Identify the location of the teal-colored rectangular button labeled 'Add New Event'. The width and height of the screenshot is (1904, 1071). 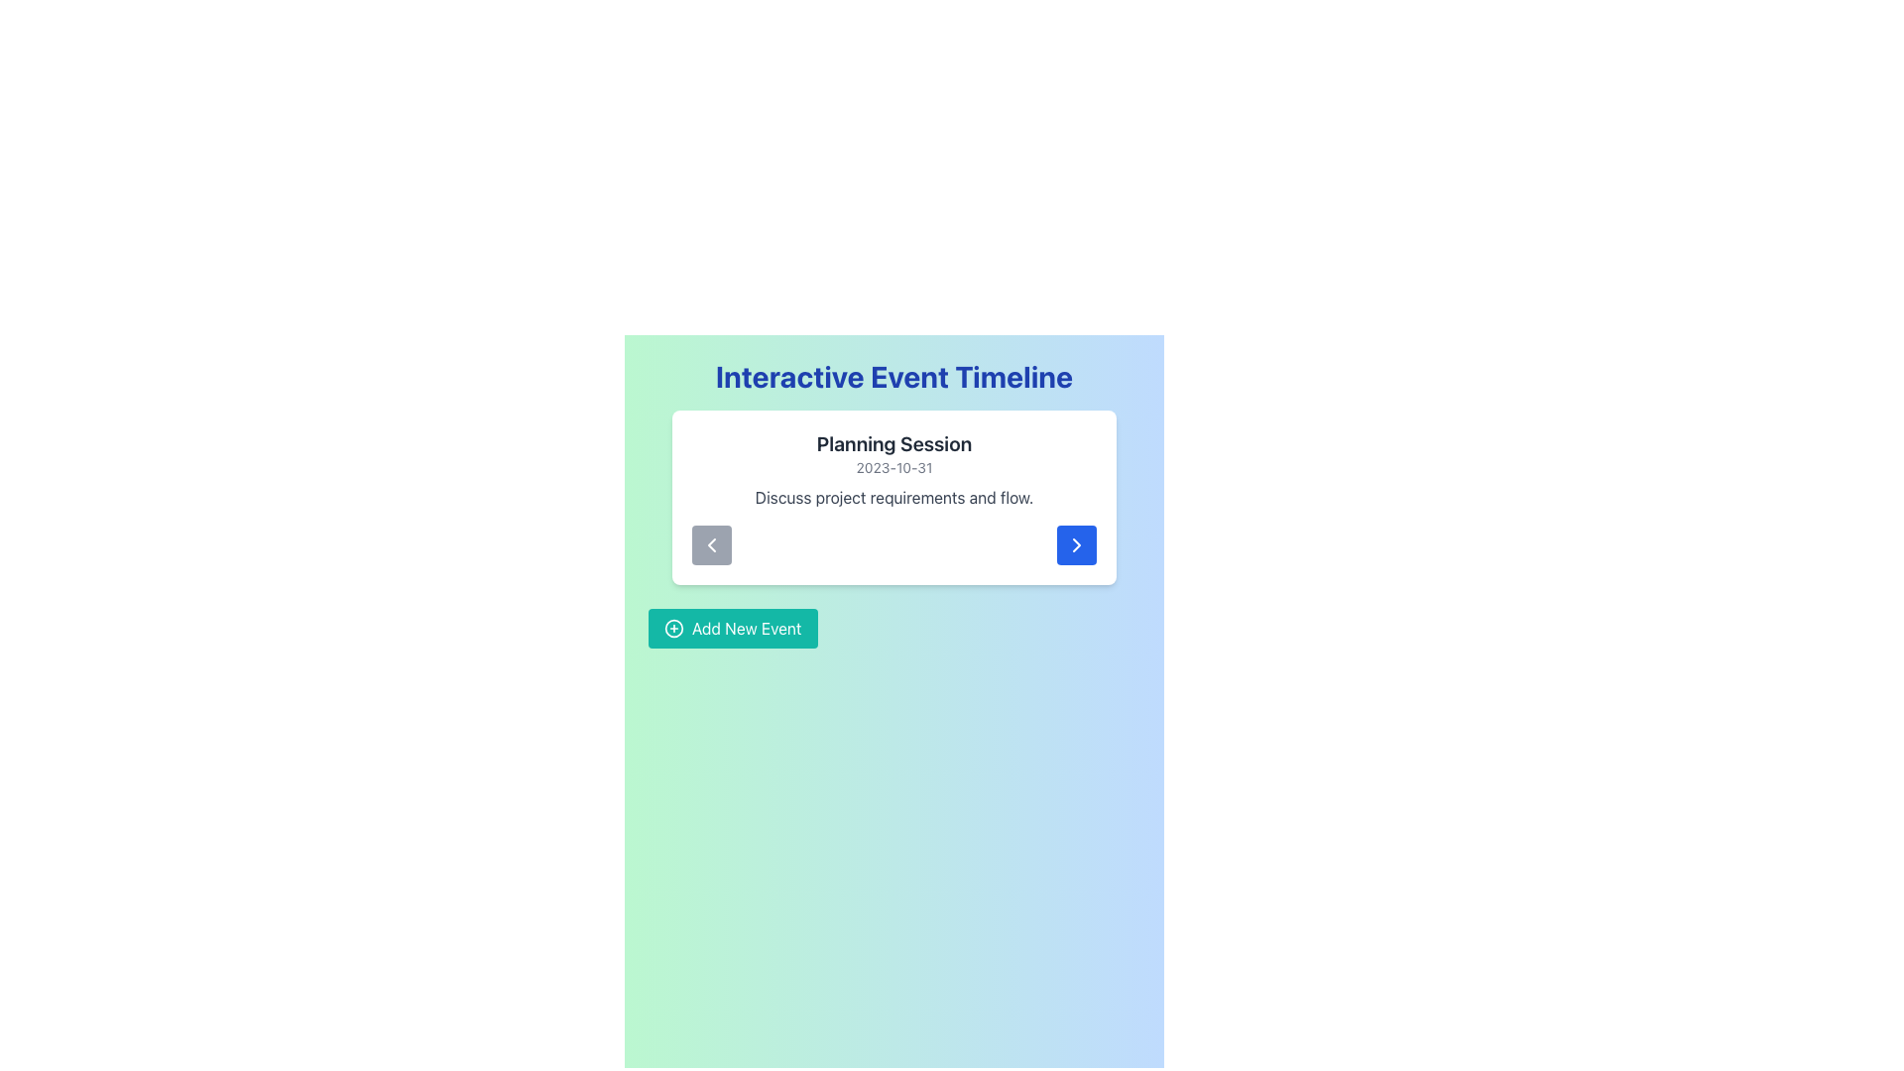
(732, 628).